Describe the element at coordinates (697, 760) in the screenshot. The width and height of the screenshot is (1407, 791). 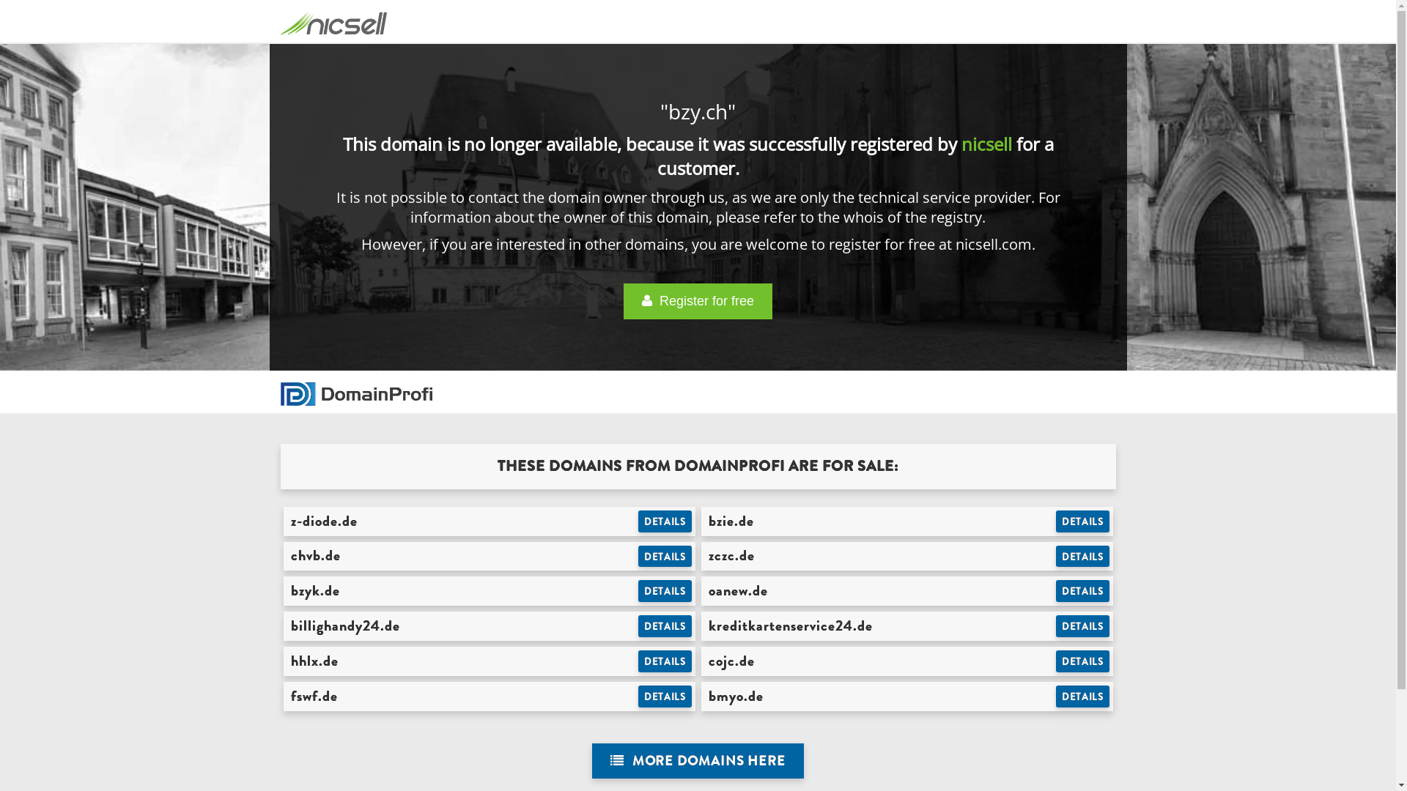
I see `'  MORE DOMAINS HERE'` at that location.